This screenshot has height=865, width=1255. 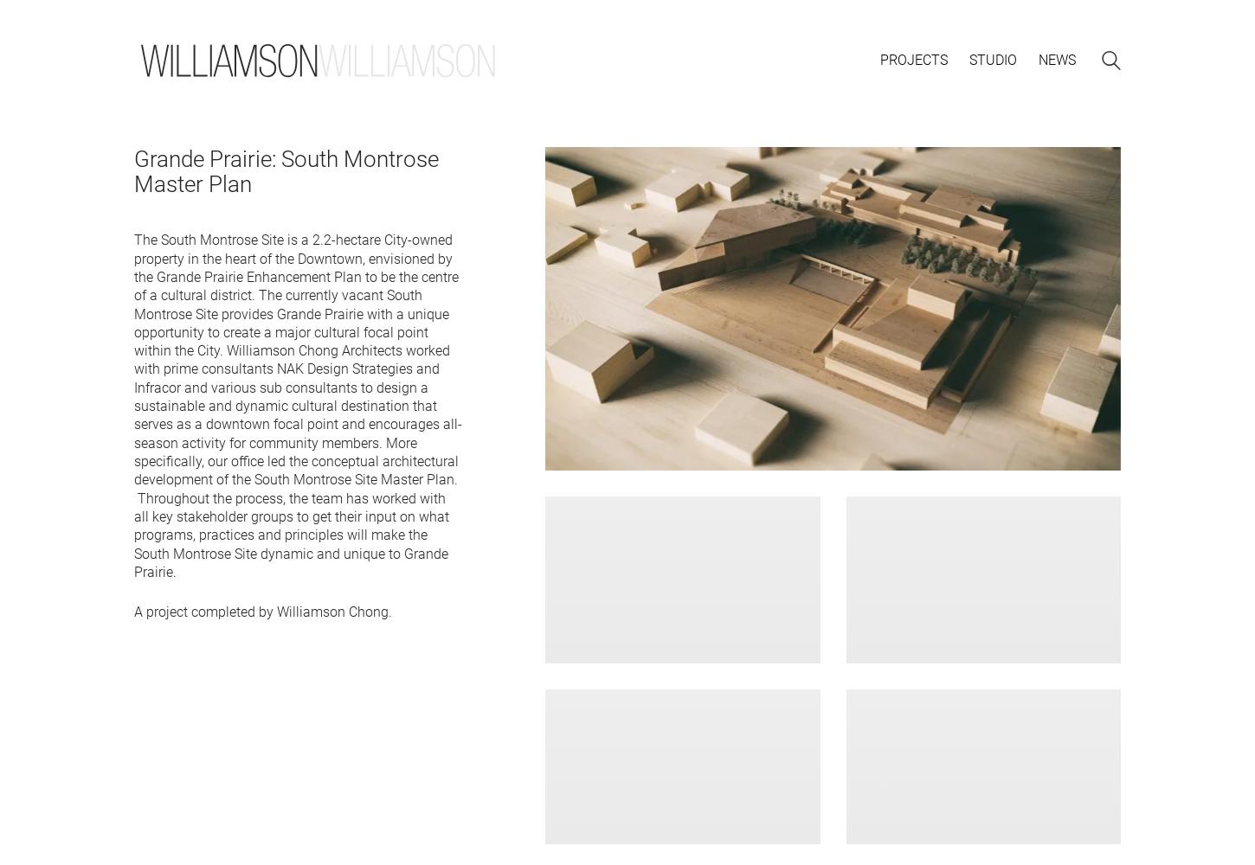 What do you see at coordinates (990, 59) in the screenshot?
I see `'i'` at bounding box center [990, 59].